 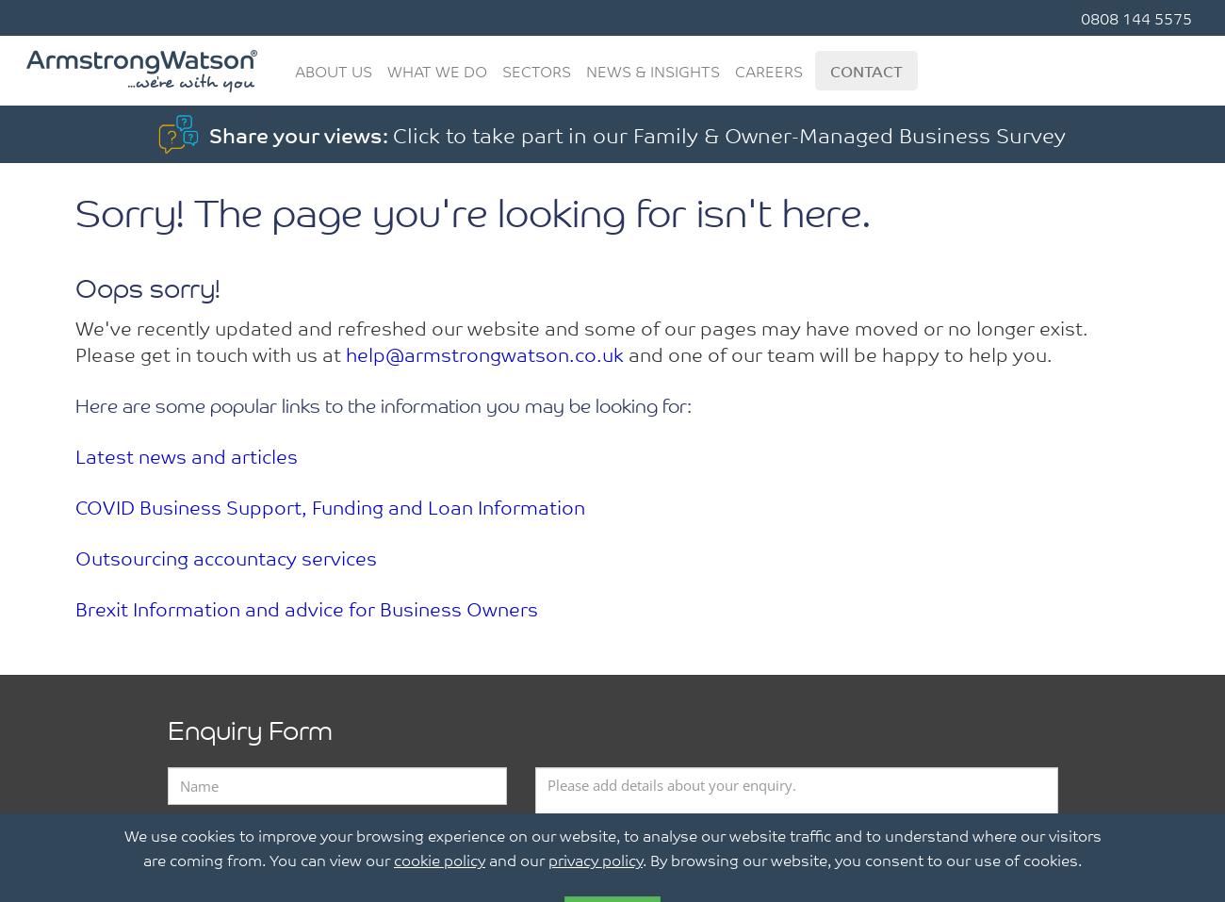 What do you see at coordinates (306, 606) in the screenshot?
I see `'Brexit Information and advice for Business Owners'` at bounding box center [306, 606].